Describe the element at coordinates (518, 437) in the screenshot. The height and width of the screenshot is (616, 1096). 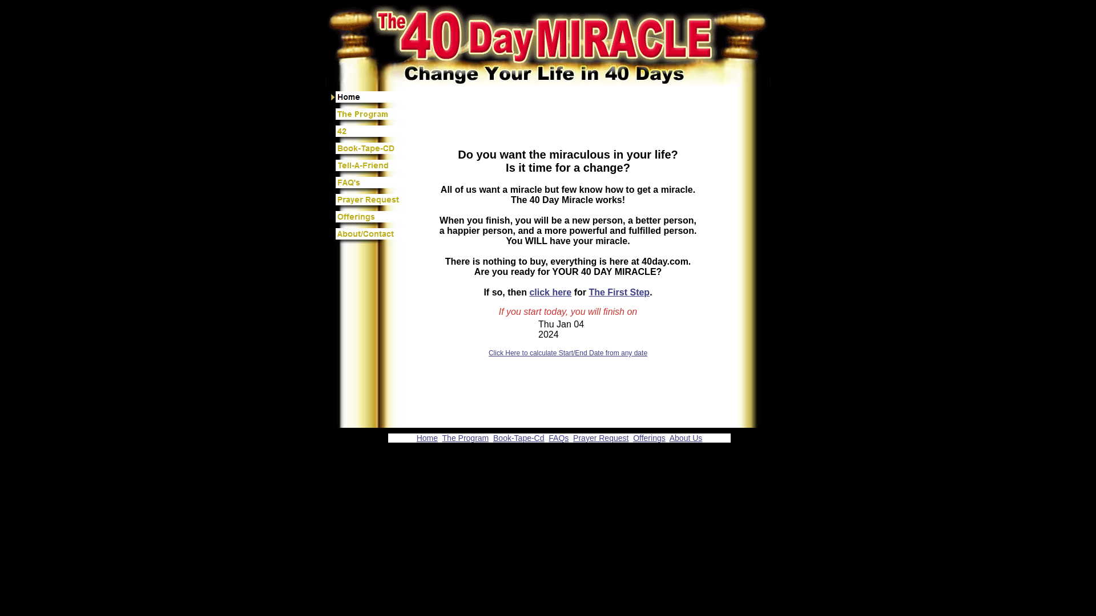
I see `'Book-Tape-Cd'` at that location.